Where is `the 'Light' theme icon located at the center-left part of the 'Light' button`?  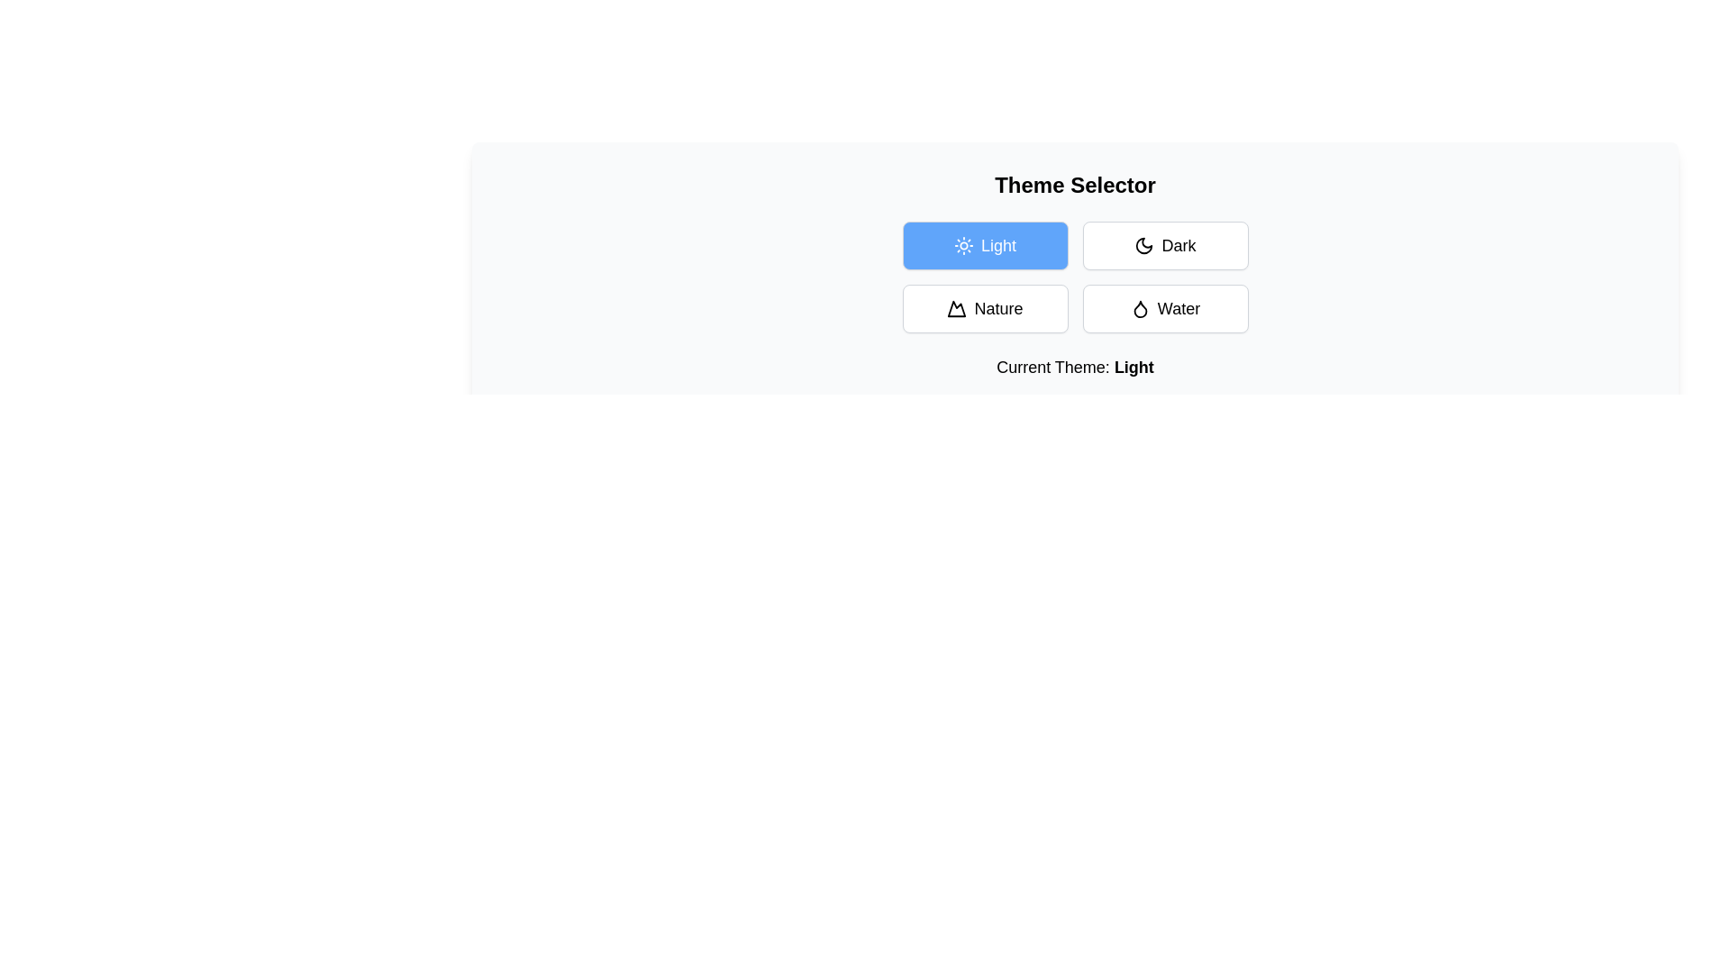 the 'Light' theme icon located at the center-left part of the 'Light' button is located at coordinates (963, 246).